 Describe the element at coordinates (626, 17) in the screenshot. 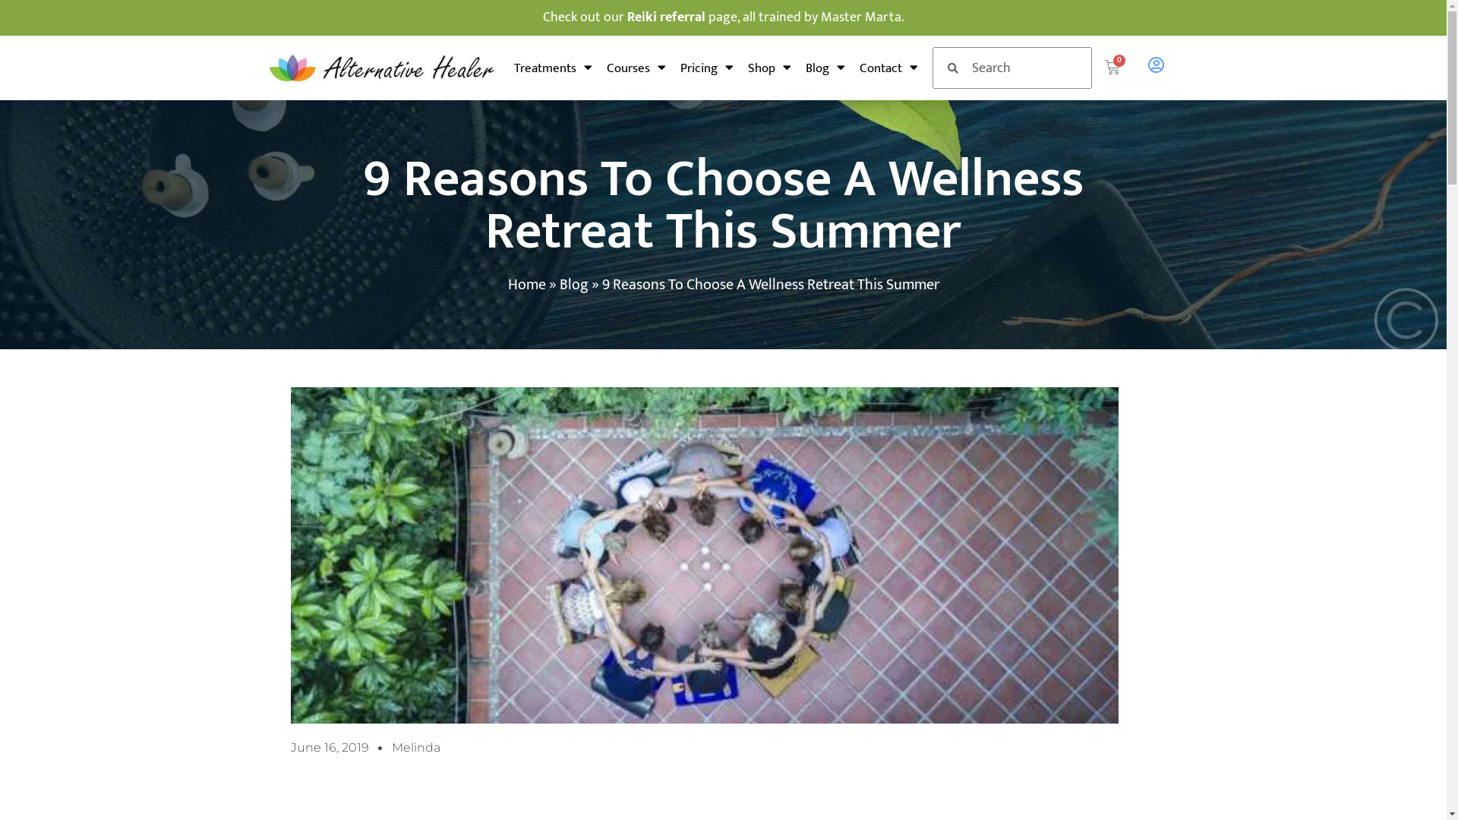

I see `'Reiki referral'` at that location.